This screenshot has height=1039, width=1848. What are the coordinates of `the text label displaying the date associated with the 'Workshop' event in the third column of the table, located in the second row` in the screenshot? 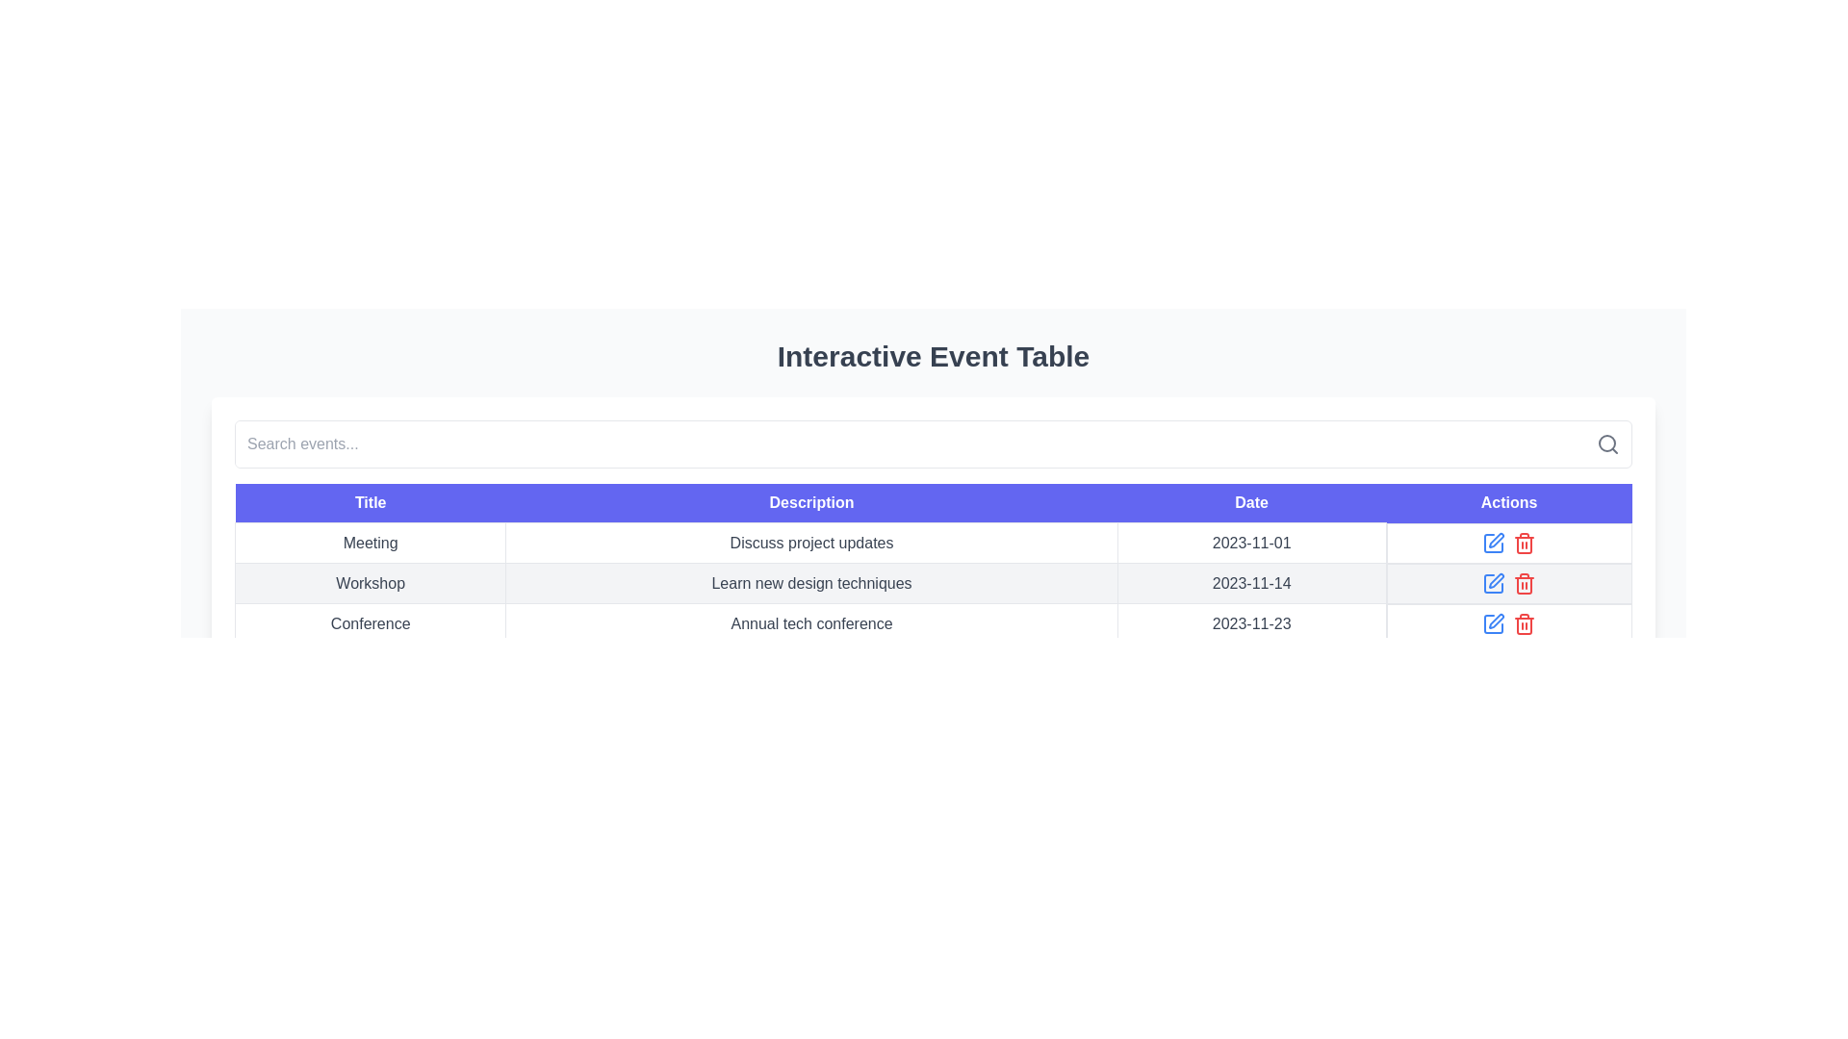 It's located at (1251, 582).